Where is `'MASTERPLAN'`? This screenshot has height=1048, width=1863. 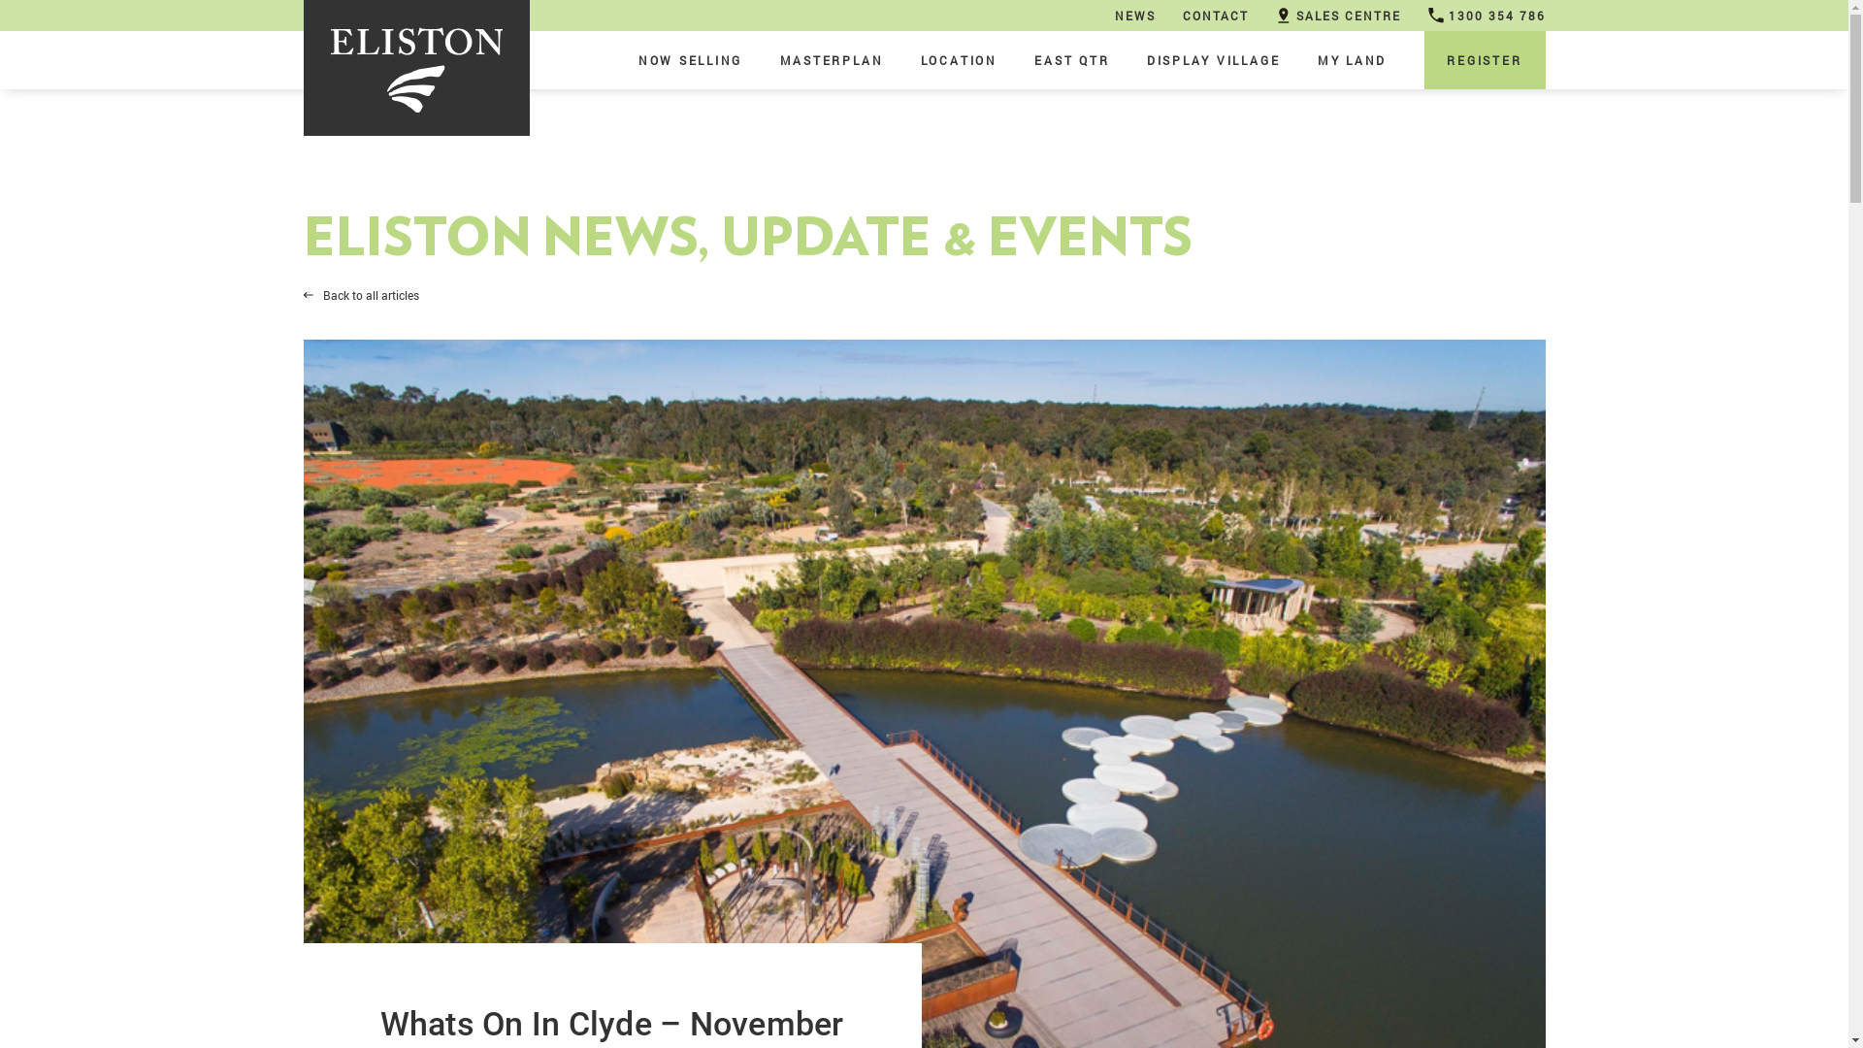 'MASTERPLAN' is located at coordinates (832, 58).